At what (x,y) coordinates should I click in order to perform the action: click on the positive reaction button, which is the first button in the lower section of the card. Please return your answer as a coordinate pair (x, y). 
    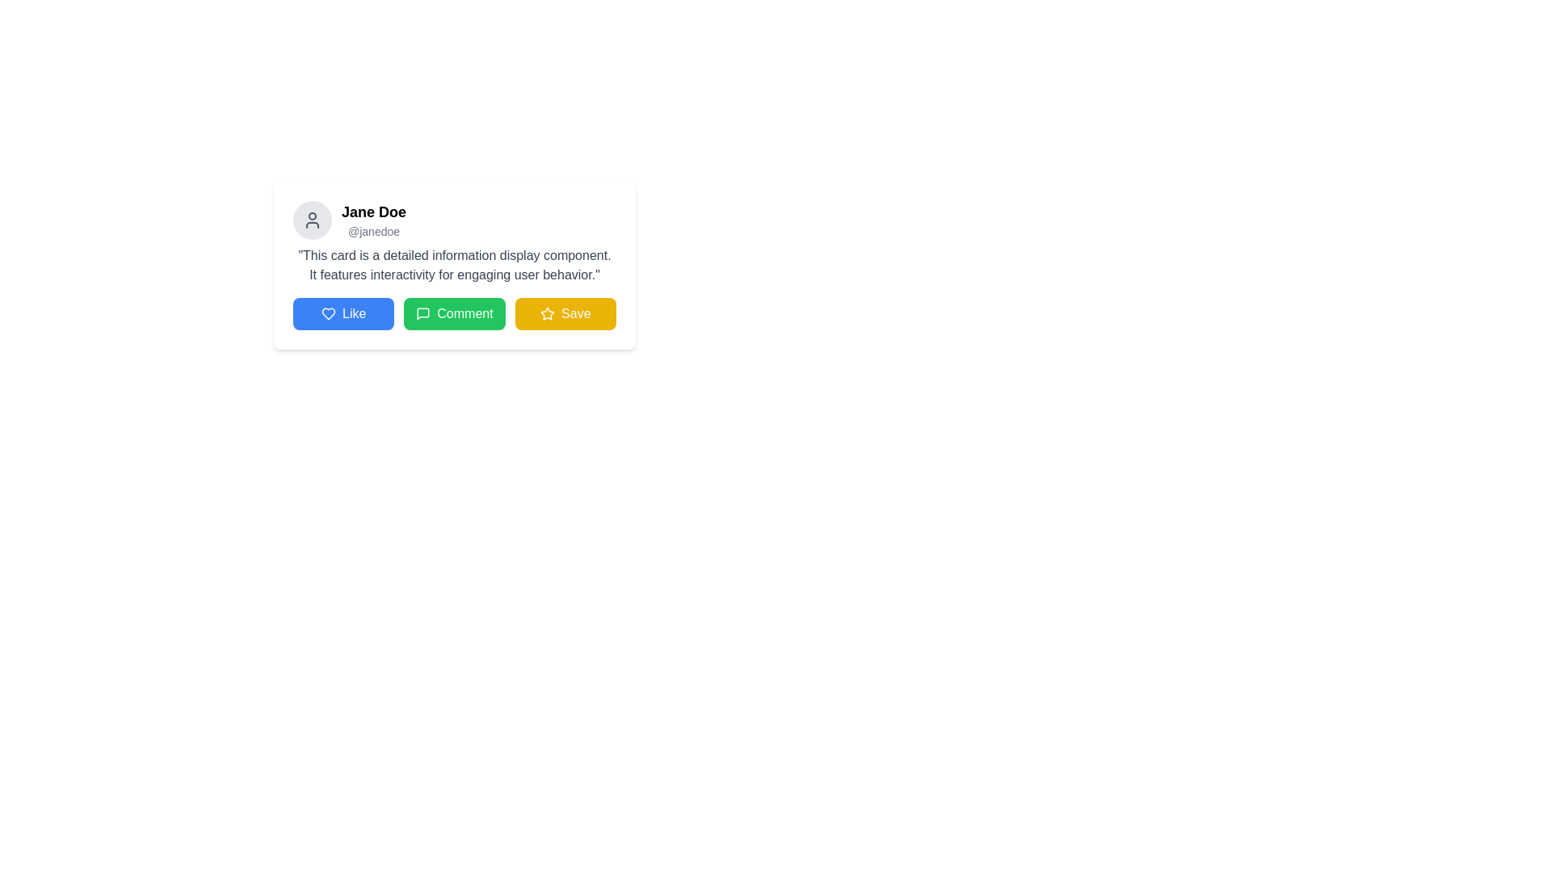
    Looking at the image, I should click on (343, 314).